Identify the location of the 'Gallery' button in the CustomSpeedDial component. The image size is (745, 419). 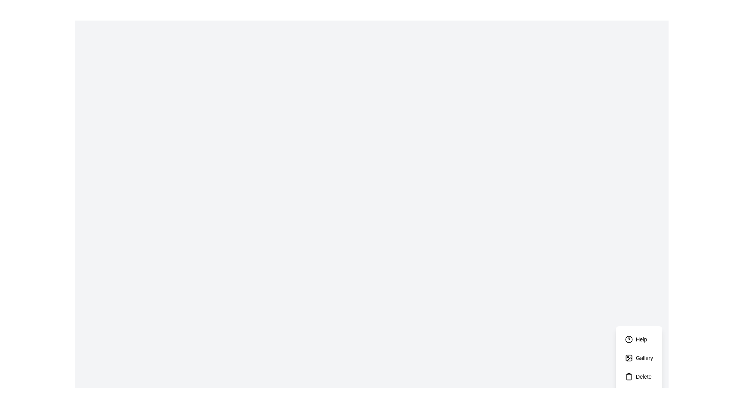
(639, 358).